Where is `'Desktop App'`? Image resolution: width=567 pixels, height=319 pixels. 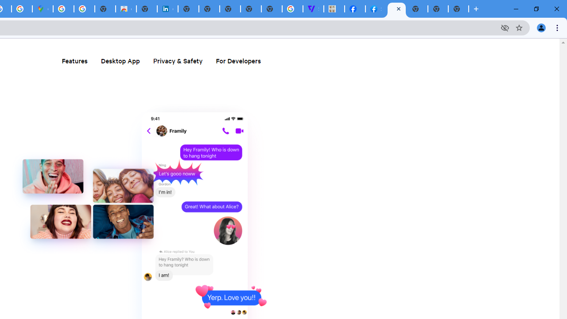
'Desktop App' is located at coordinates (120, 60).